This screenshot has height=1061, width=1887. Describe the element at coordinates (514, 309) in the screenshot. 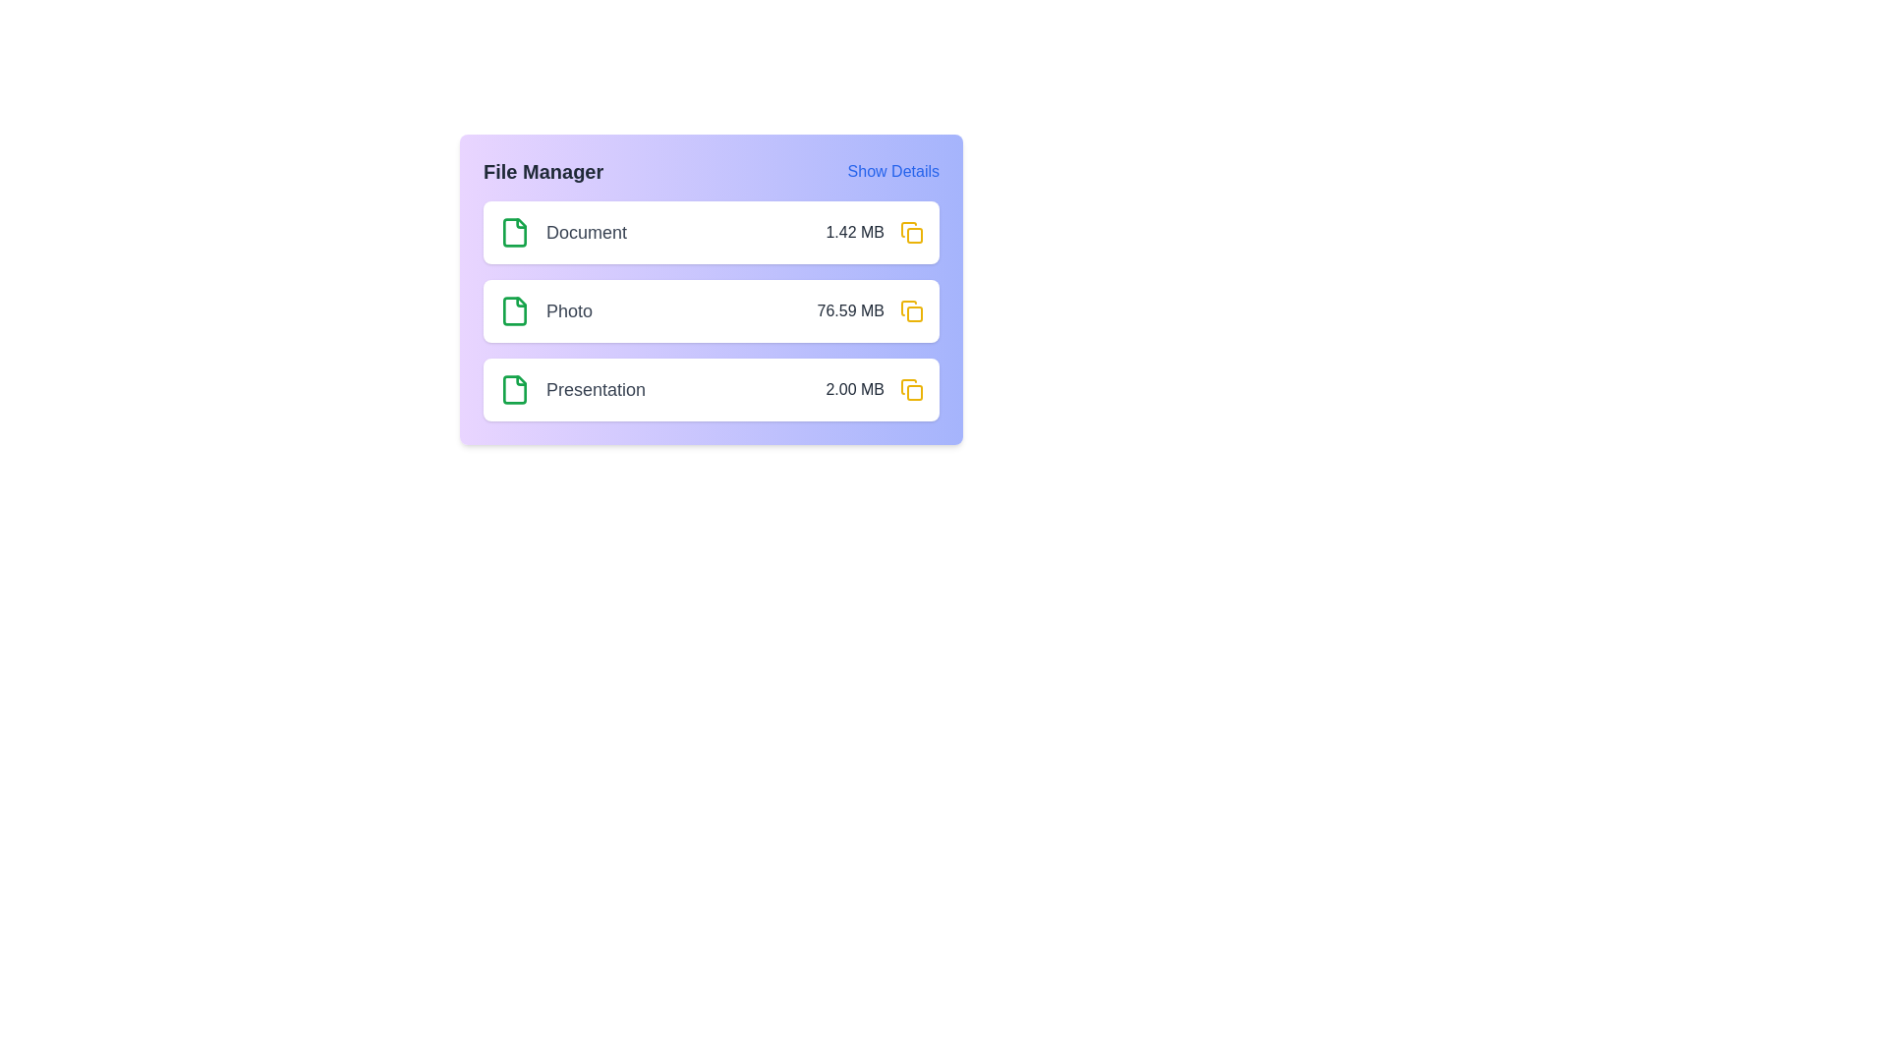

I see `the first interactive subcomponent of the file icon for the 'Photo' entry, which is visually identifiable as an icon representing a photo file type, located in a vertical list after 'Document' and before 'Presentation'` at that location.